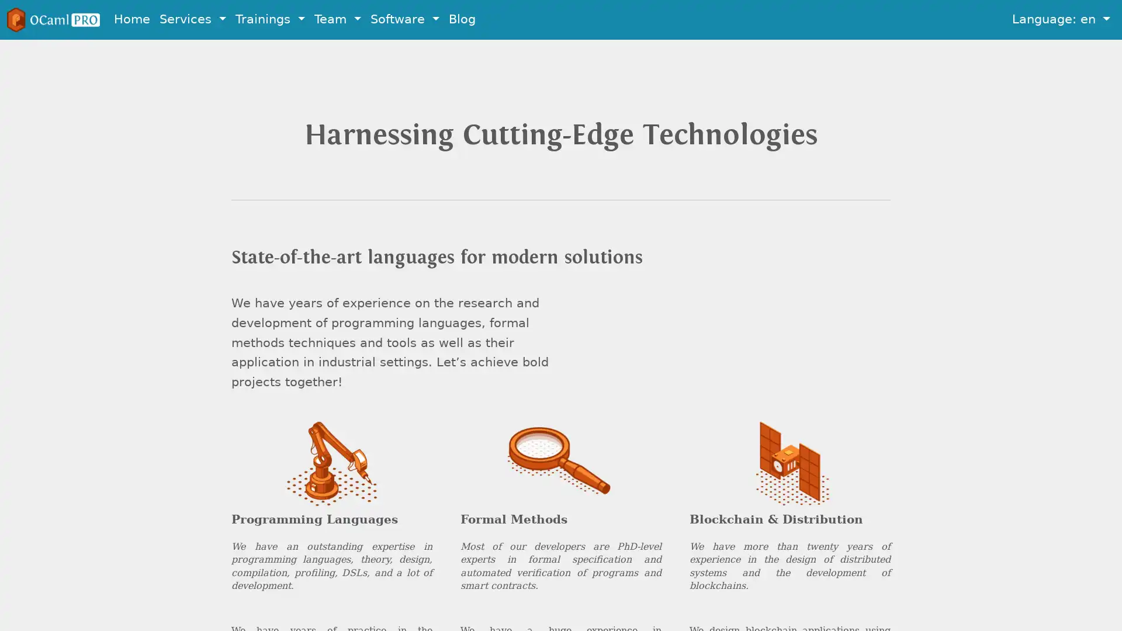  Describe the element at coordinates (404, 19) in the screenshot. I see `Software` at that location.